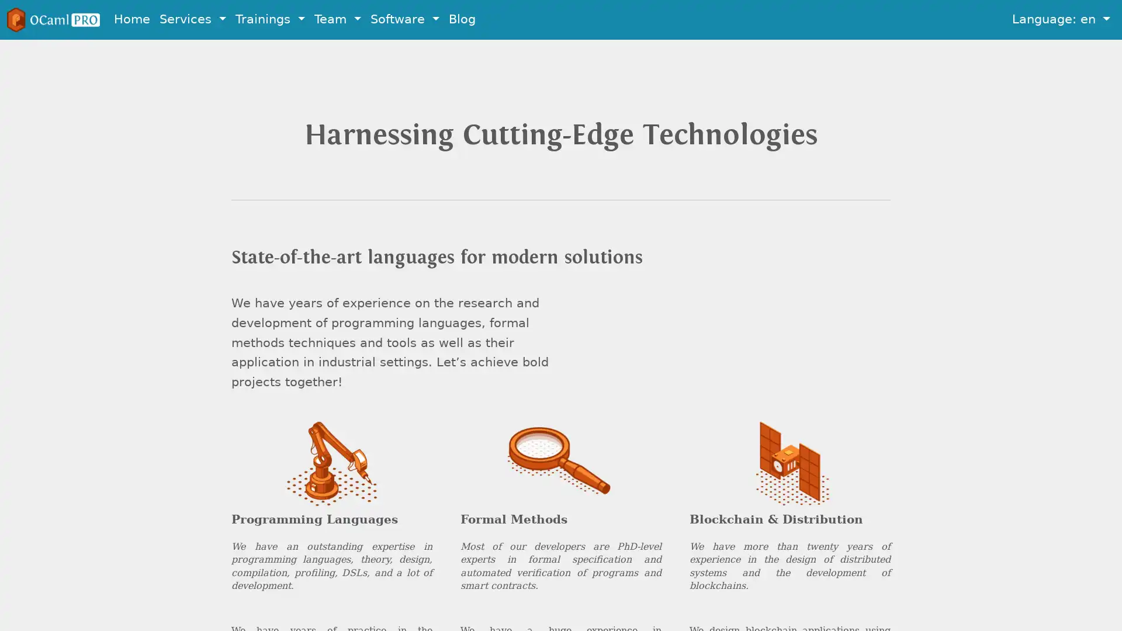  Describe the element at coordinates (404, 19) in the screenshot. I see `Software` at that location.